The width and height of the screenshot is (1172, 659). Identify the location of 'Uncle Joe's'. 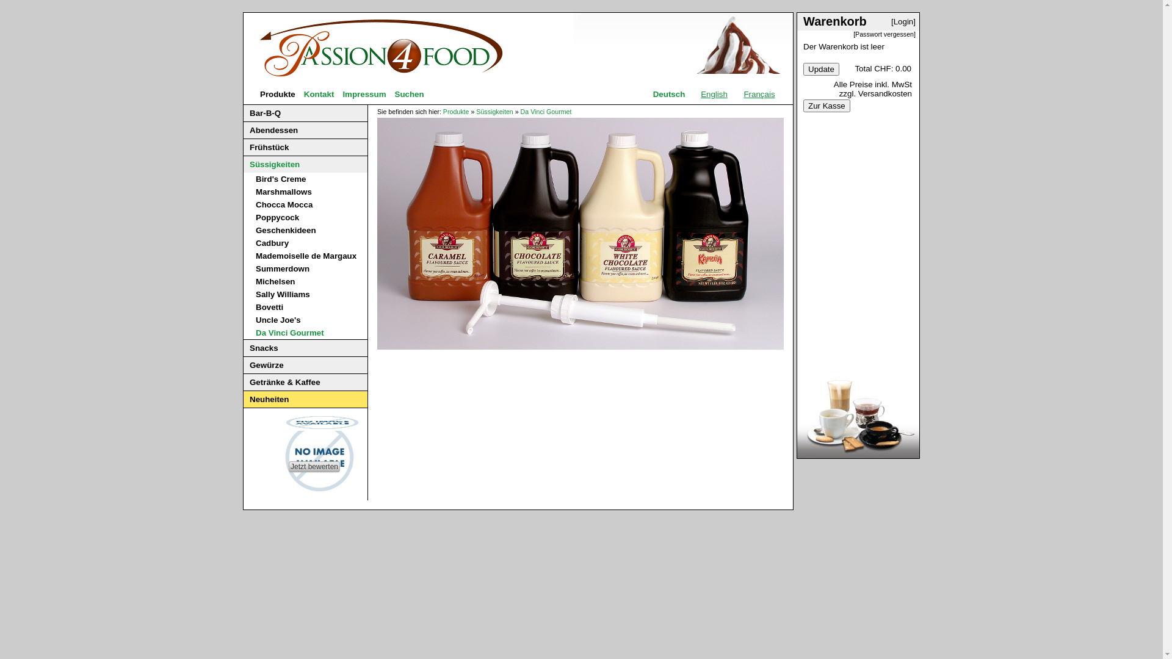
(278, 319).